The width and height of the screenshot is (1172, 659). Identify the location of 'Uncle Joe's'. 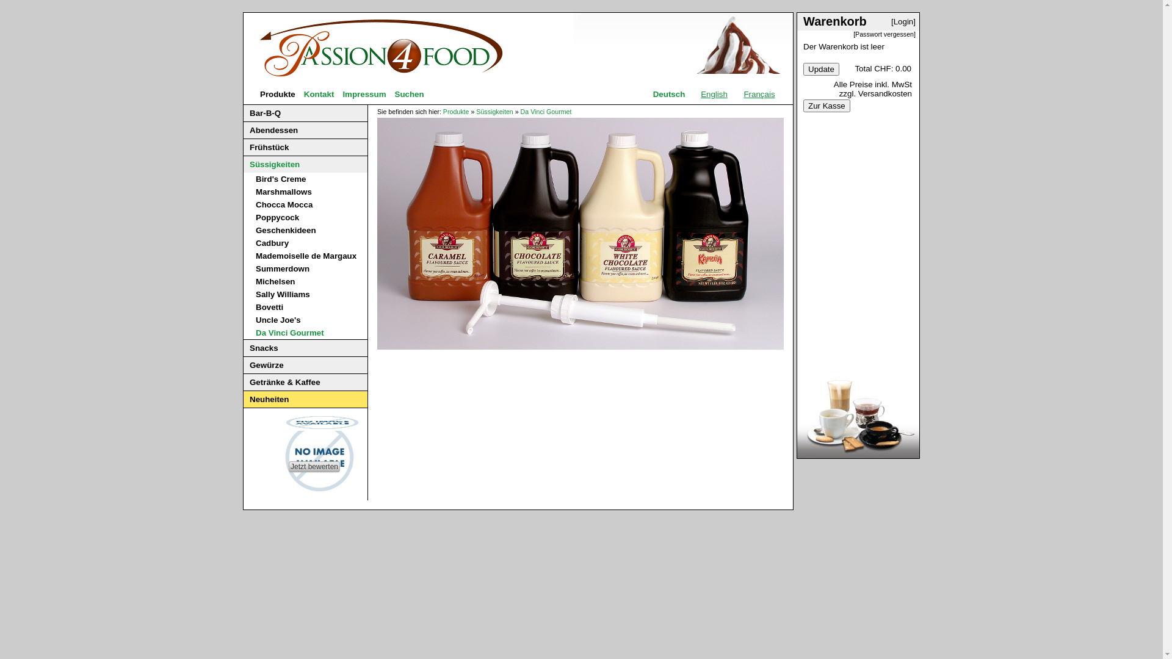
(278, 319).